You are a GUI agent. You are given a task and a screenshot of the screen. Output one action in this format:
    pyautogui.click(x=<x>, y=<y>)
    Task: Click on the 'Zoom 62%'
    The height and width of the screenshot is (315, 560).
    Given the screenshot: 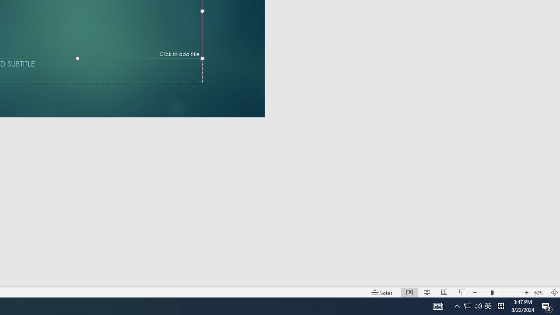 What is the action you would take?
    pyautogui.click(x=539, y=293)
    